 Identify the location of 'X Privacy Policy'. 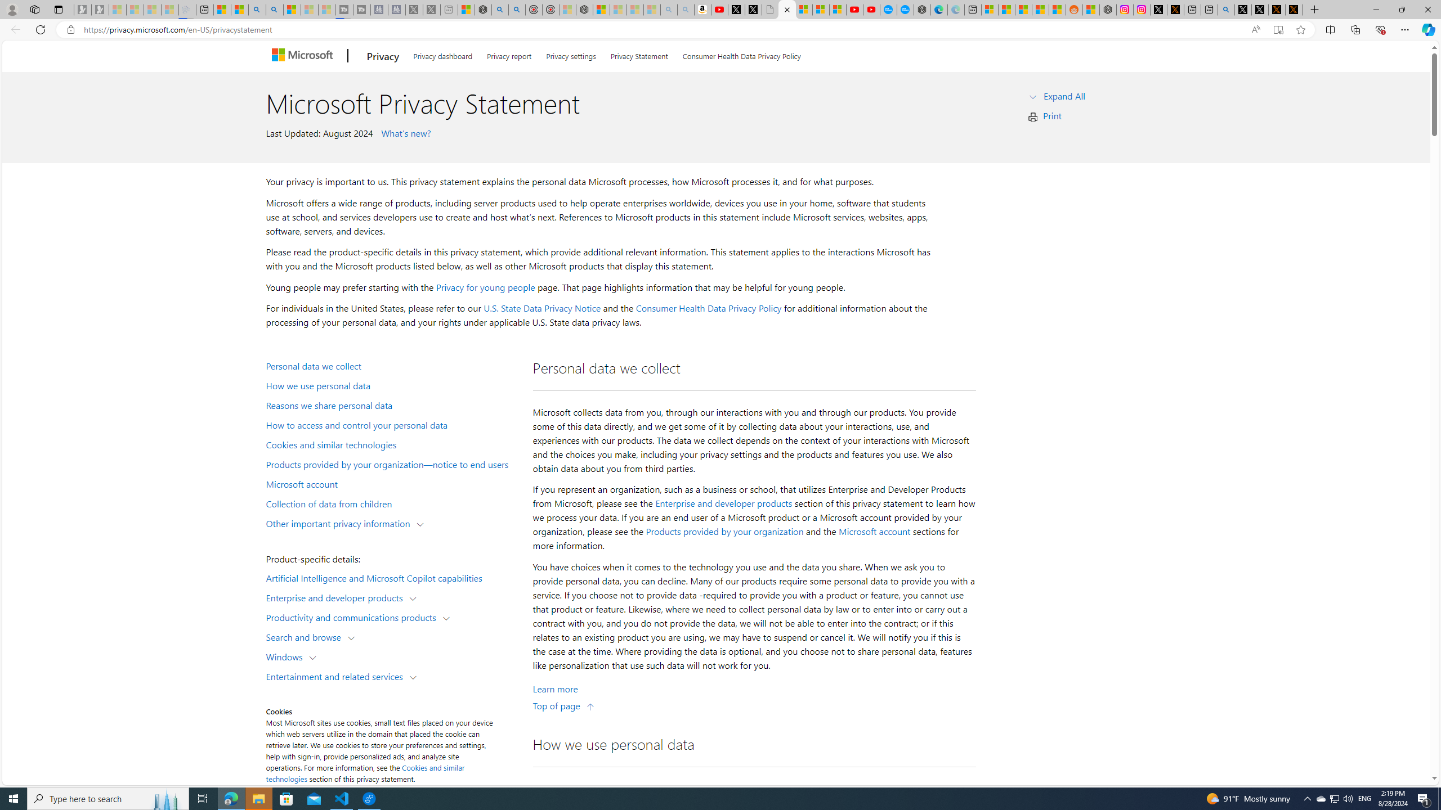
(1294, 9).